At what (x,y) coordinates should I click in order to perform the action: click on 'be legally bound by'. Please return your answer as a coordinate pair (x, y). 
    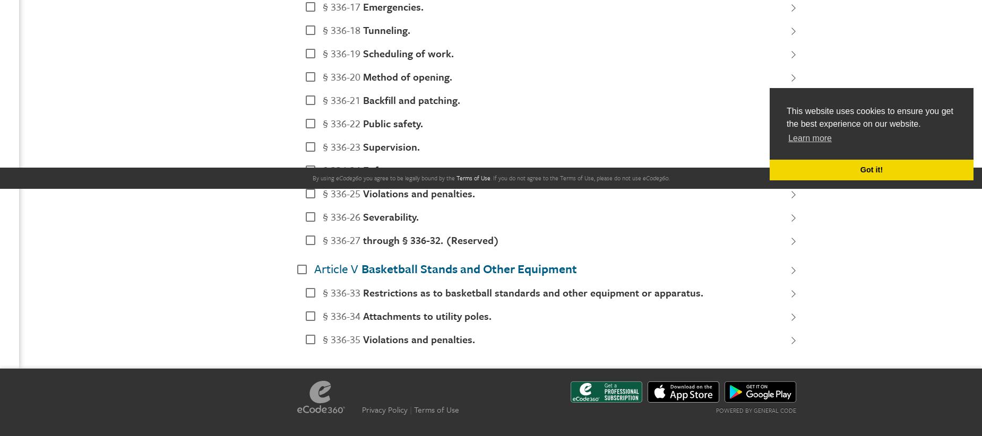
    Looking at the image, I should click on (420, 177).